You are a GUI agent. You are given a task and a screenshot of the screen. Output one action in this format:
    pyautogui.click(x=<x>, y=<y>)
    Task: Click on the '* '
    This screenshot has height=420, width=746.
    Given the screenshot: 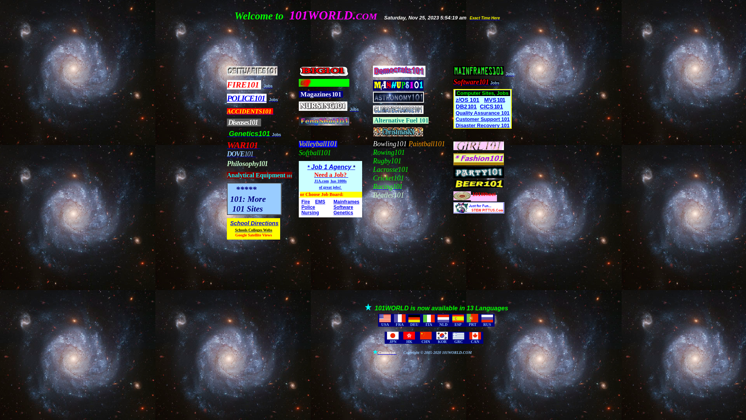 What is the action you would take?
    pyautogui.click(x=309, y=166)
    